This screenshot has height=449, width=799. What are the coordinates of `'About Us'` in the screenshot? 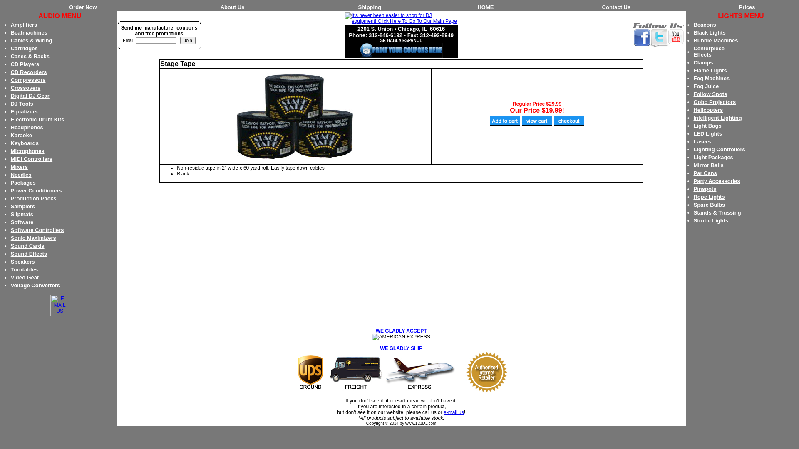 It's located at (232, 7).